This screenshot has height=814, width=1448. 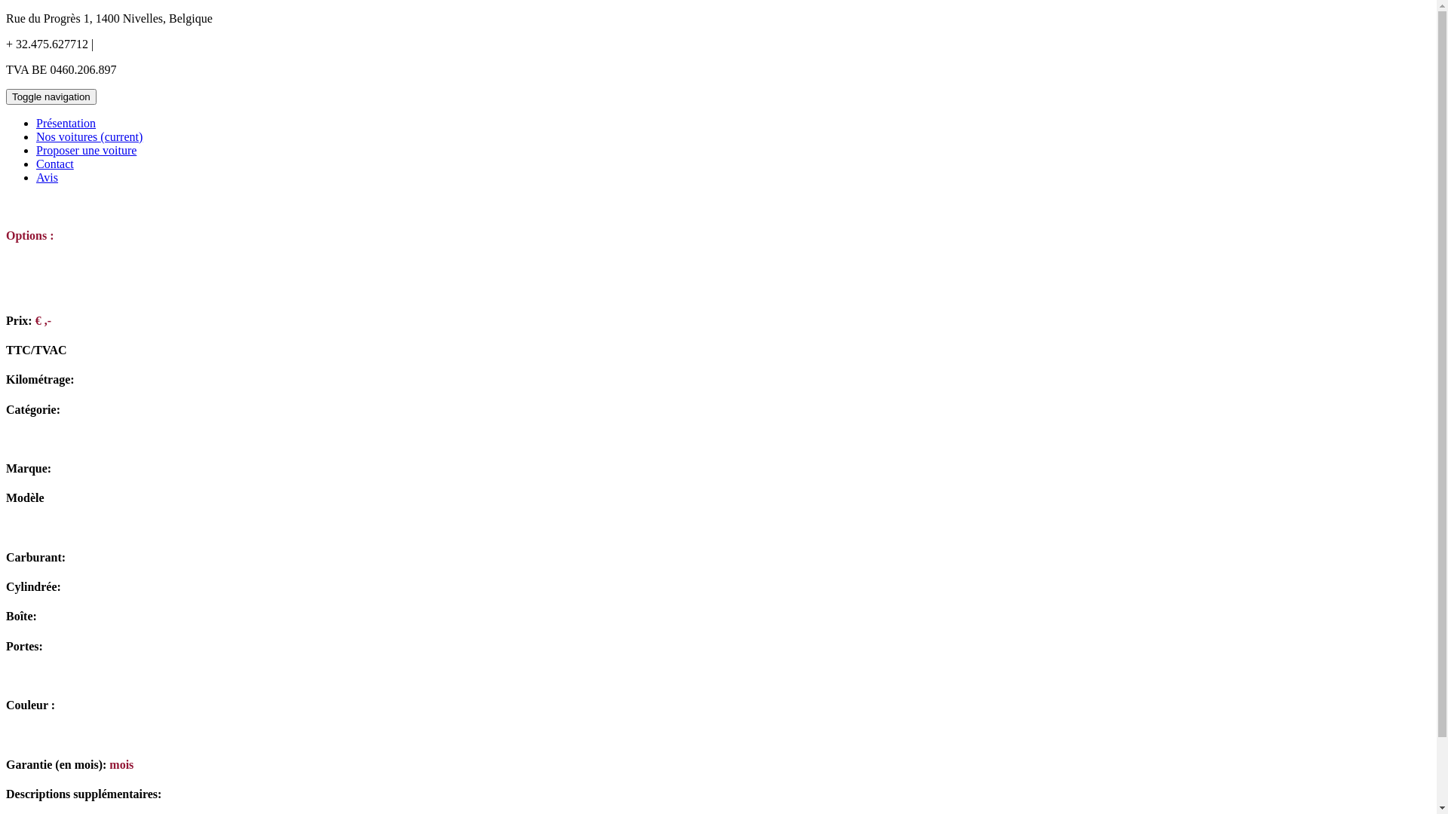 I want to click on 'Nos voitures (current)', so click(x=88, y=136).